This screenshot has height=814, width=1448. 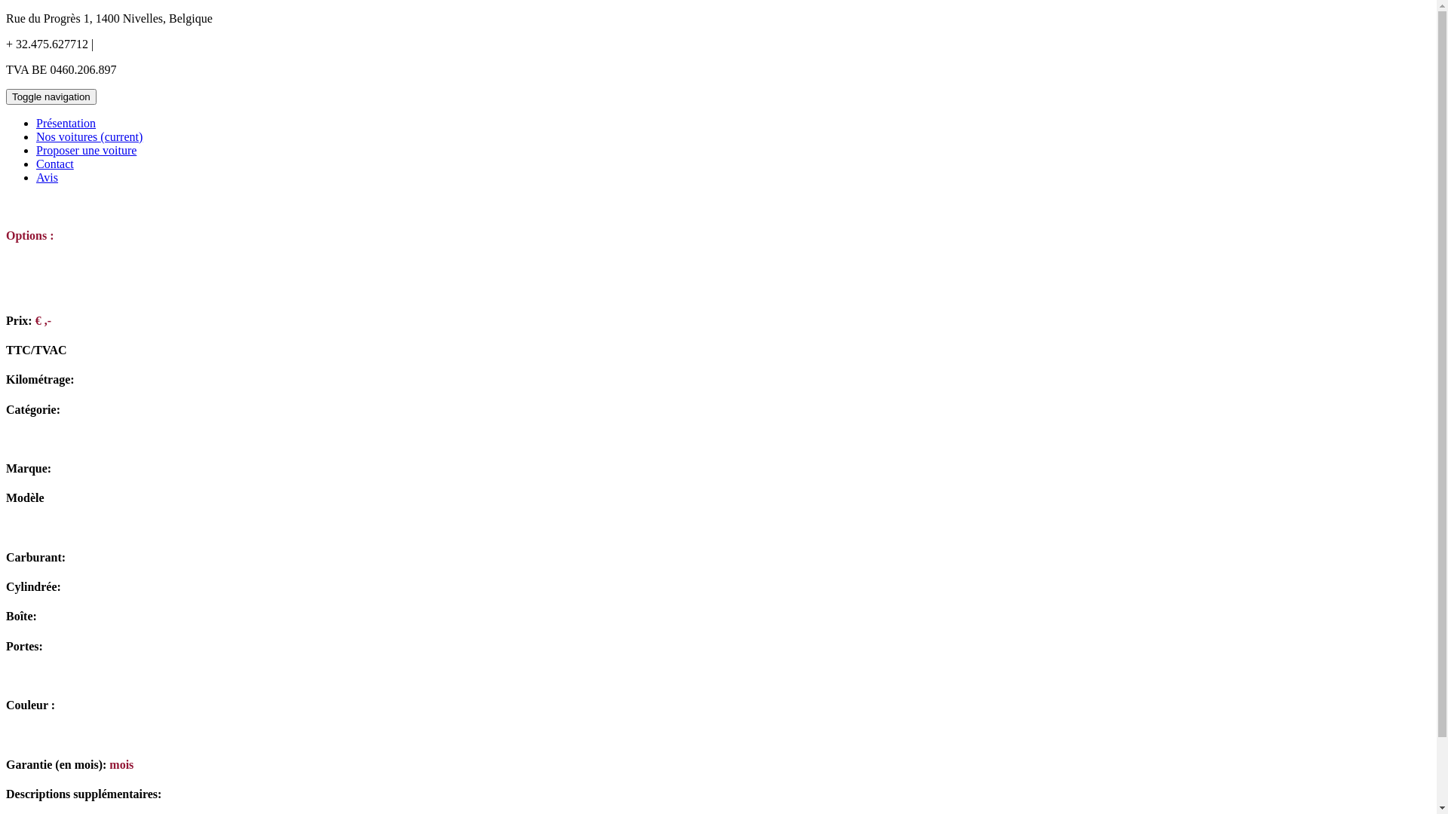 I want to click on 'Nos voitures (current)', so click(x=88, y=136).